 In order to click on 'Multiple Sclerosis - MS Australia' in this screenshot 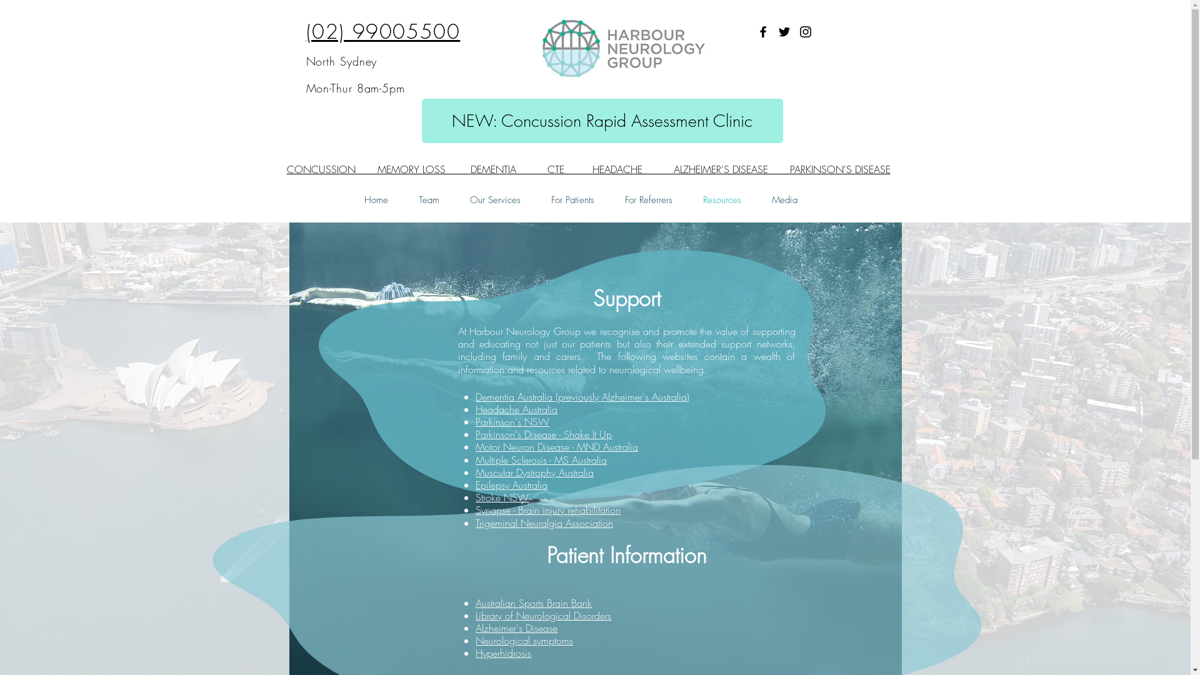, I will do `click(541, 460)`.